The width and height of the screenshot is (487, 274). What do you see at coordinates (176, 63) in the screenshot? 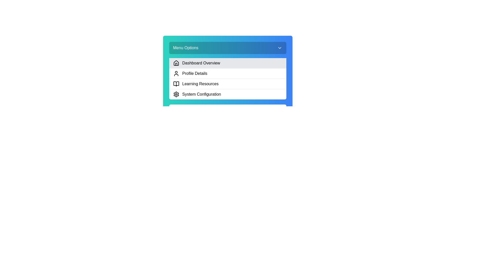
I see `the stylized house icon located in the leftmost position of the first row within the vertical list of menu entries, next to the text 'Dashboard Overview'` at bounding box center [176, 63].